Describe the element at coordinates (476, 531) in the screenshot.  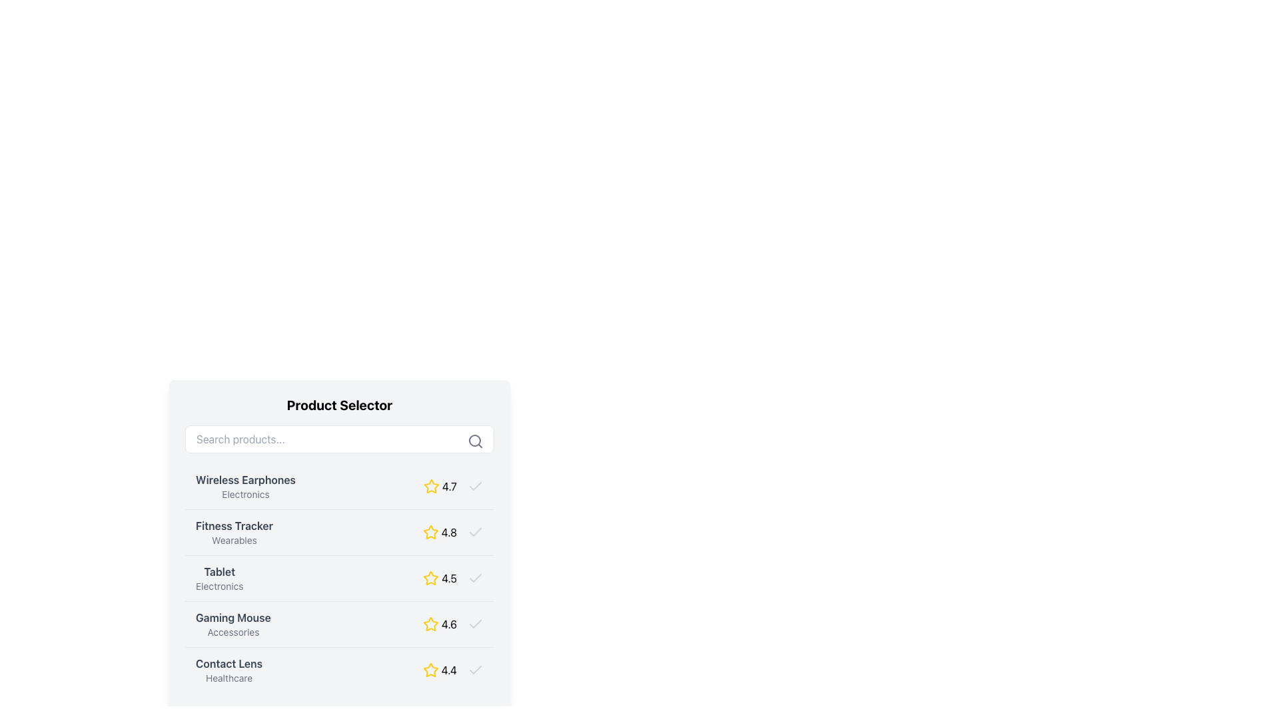
I see `the small checkmark icon located to the right of the rating text ('4.8') for the 'Fitness Tracker' product` at that location.